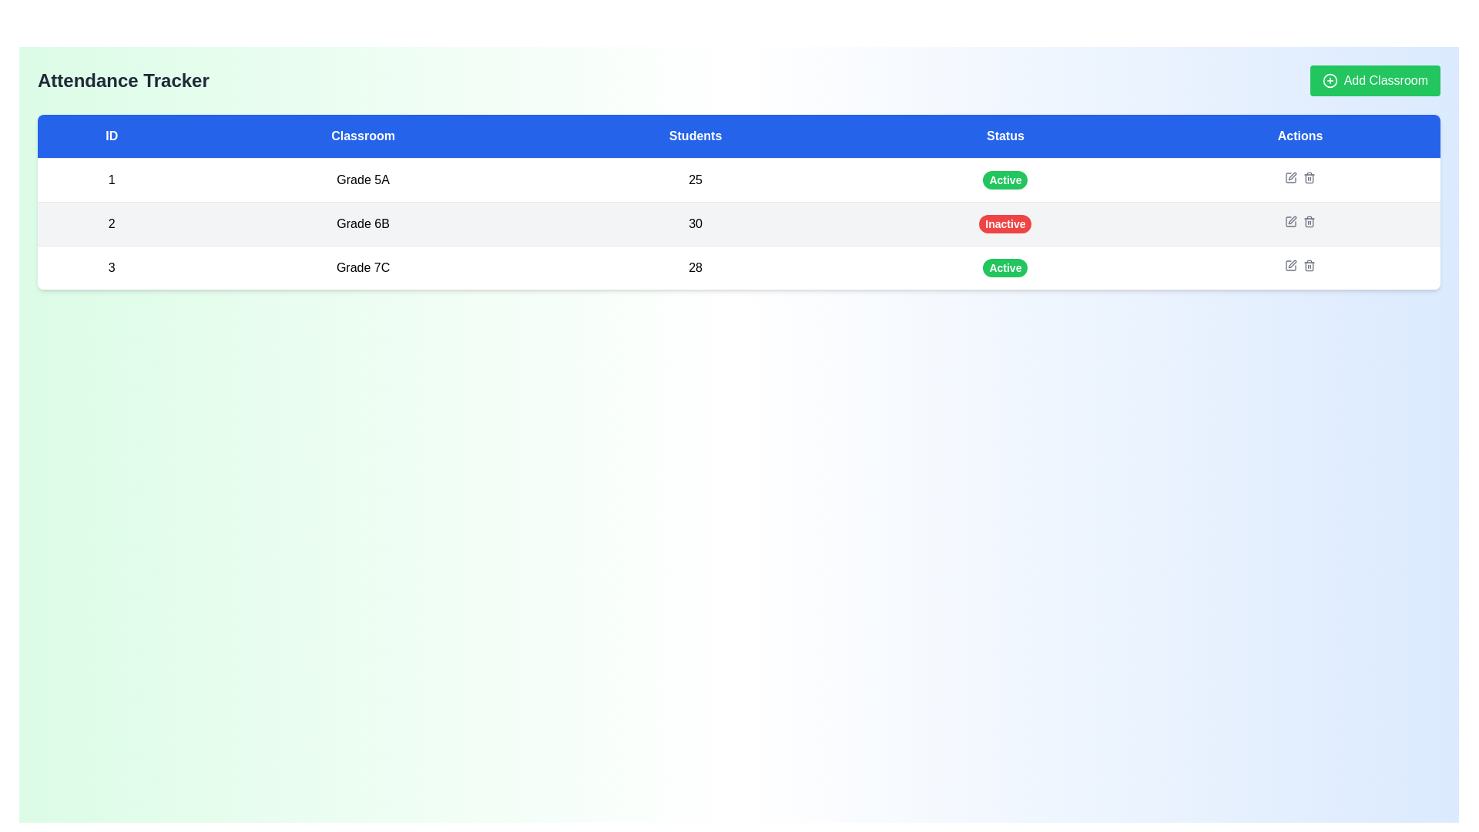  I want to click on the rectangular button with rounded corners that has a prominent red background and white text reading 'Inactive', located in the 'Status' column of the table for 'Grade 6B', so click(1005, 223).